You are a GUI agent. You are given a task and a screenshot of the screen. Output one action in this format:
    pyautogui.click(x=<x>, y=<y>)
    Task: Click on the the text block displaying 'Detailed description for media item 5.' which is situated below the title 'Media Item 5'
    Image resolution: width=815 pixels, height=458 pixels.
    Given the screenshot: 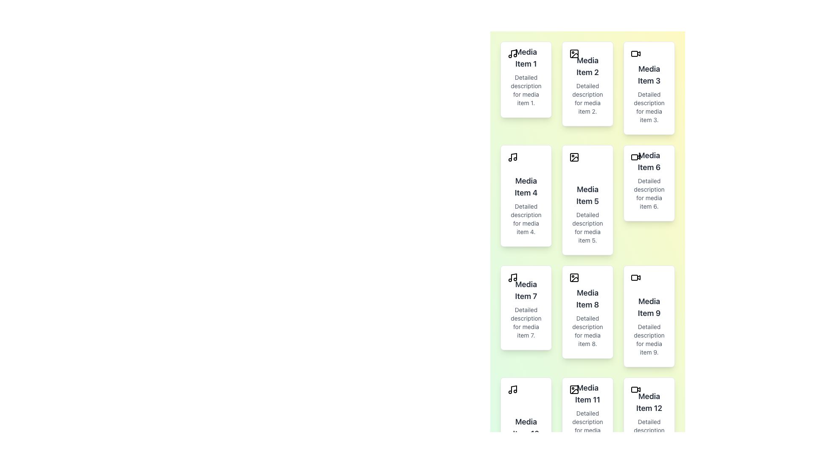 What is the action you would take?
    pyautogui.click(x=587, y=227)
    